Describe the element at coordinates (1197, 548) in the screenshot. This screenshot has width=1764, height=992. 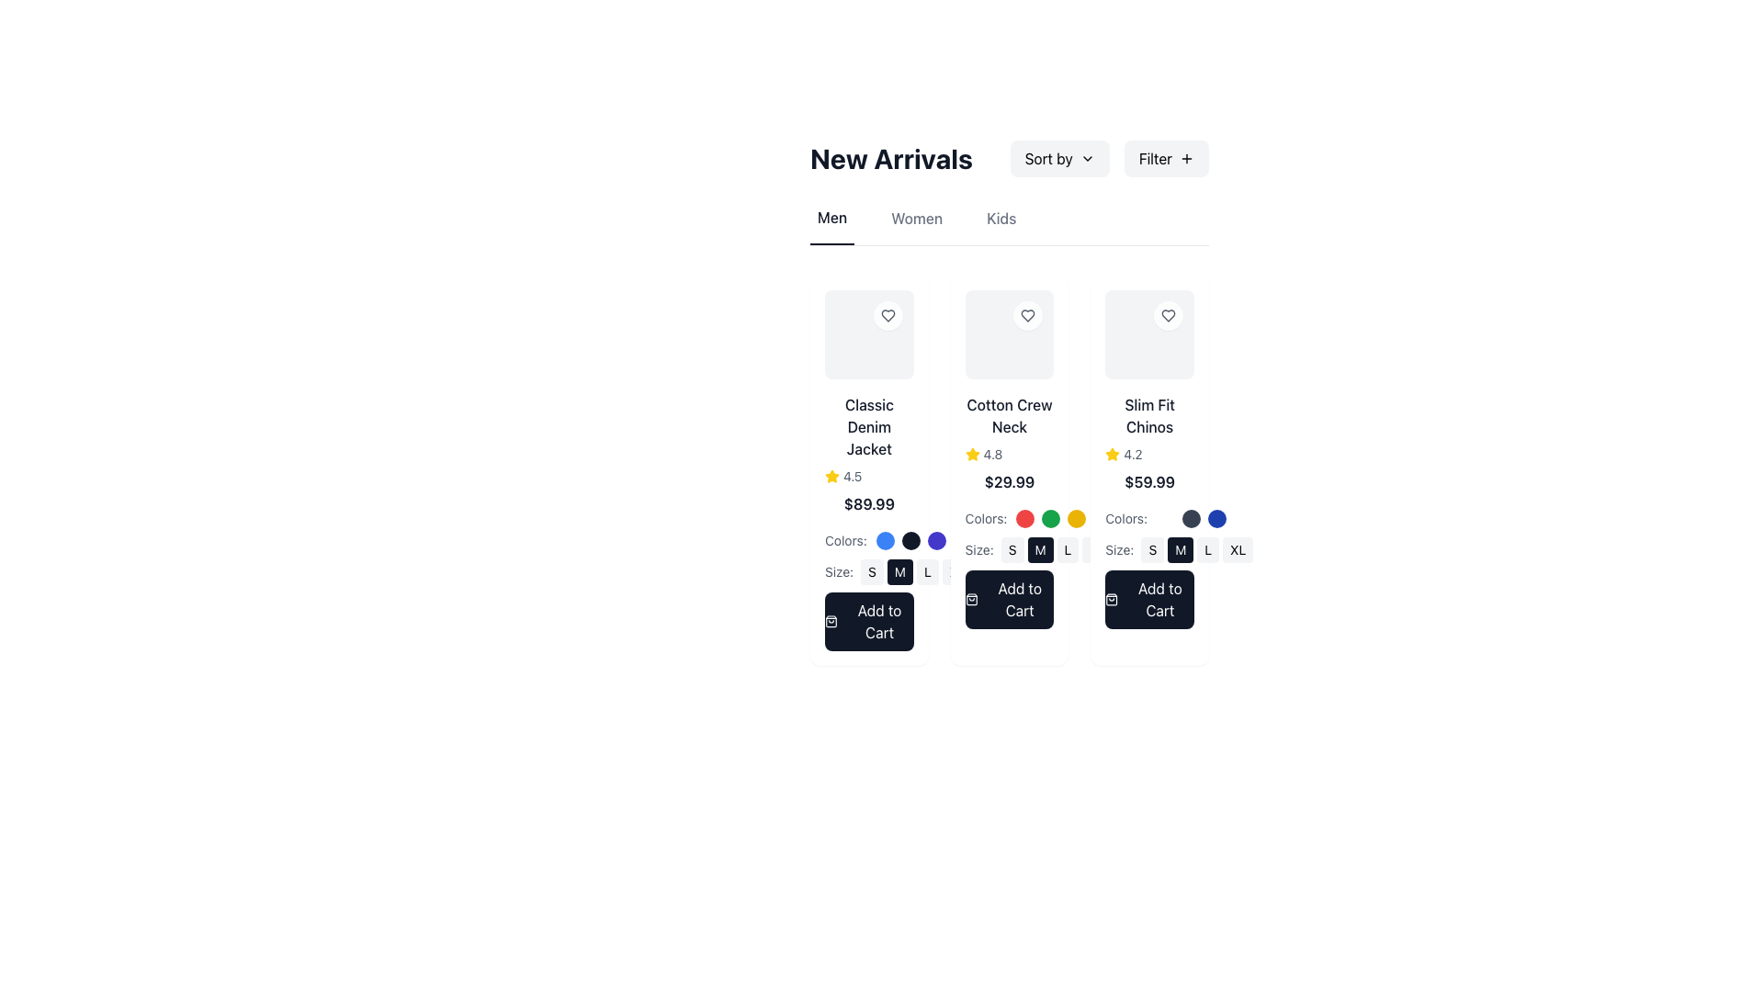
I see `the 'M' button in the Horizontal Button Group for selecting the product size located below the 'Colors' section of the 'Slim Fit Chinos' product card` at that location.